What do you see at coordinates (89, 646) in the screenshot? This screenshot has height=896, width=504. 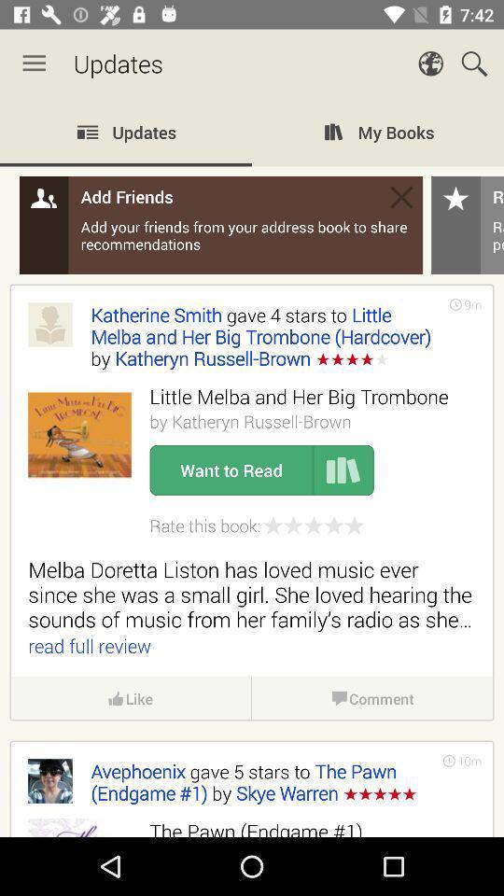 I see `the read full review icon` at bounding box center [89, 646].